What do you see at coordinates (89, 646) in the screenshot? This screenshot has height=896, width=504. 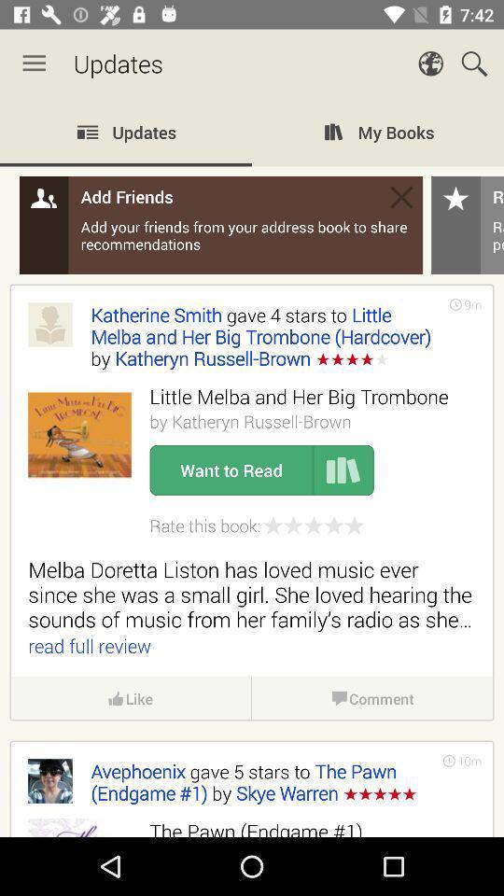 I see `the read full review icon` at bounding box center [89, 646].